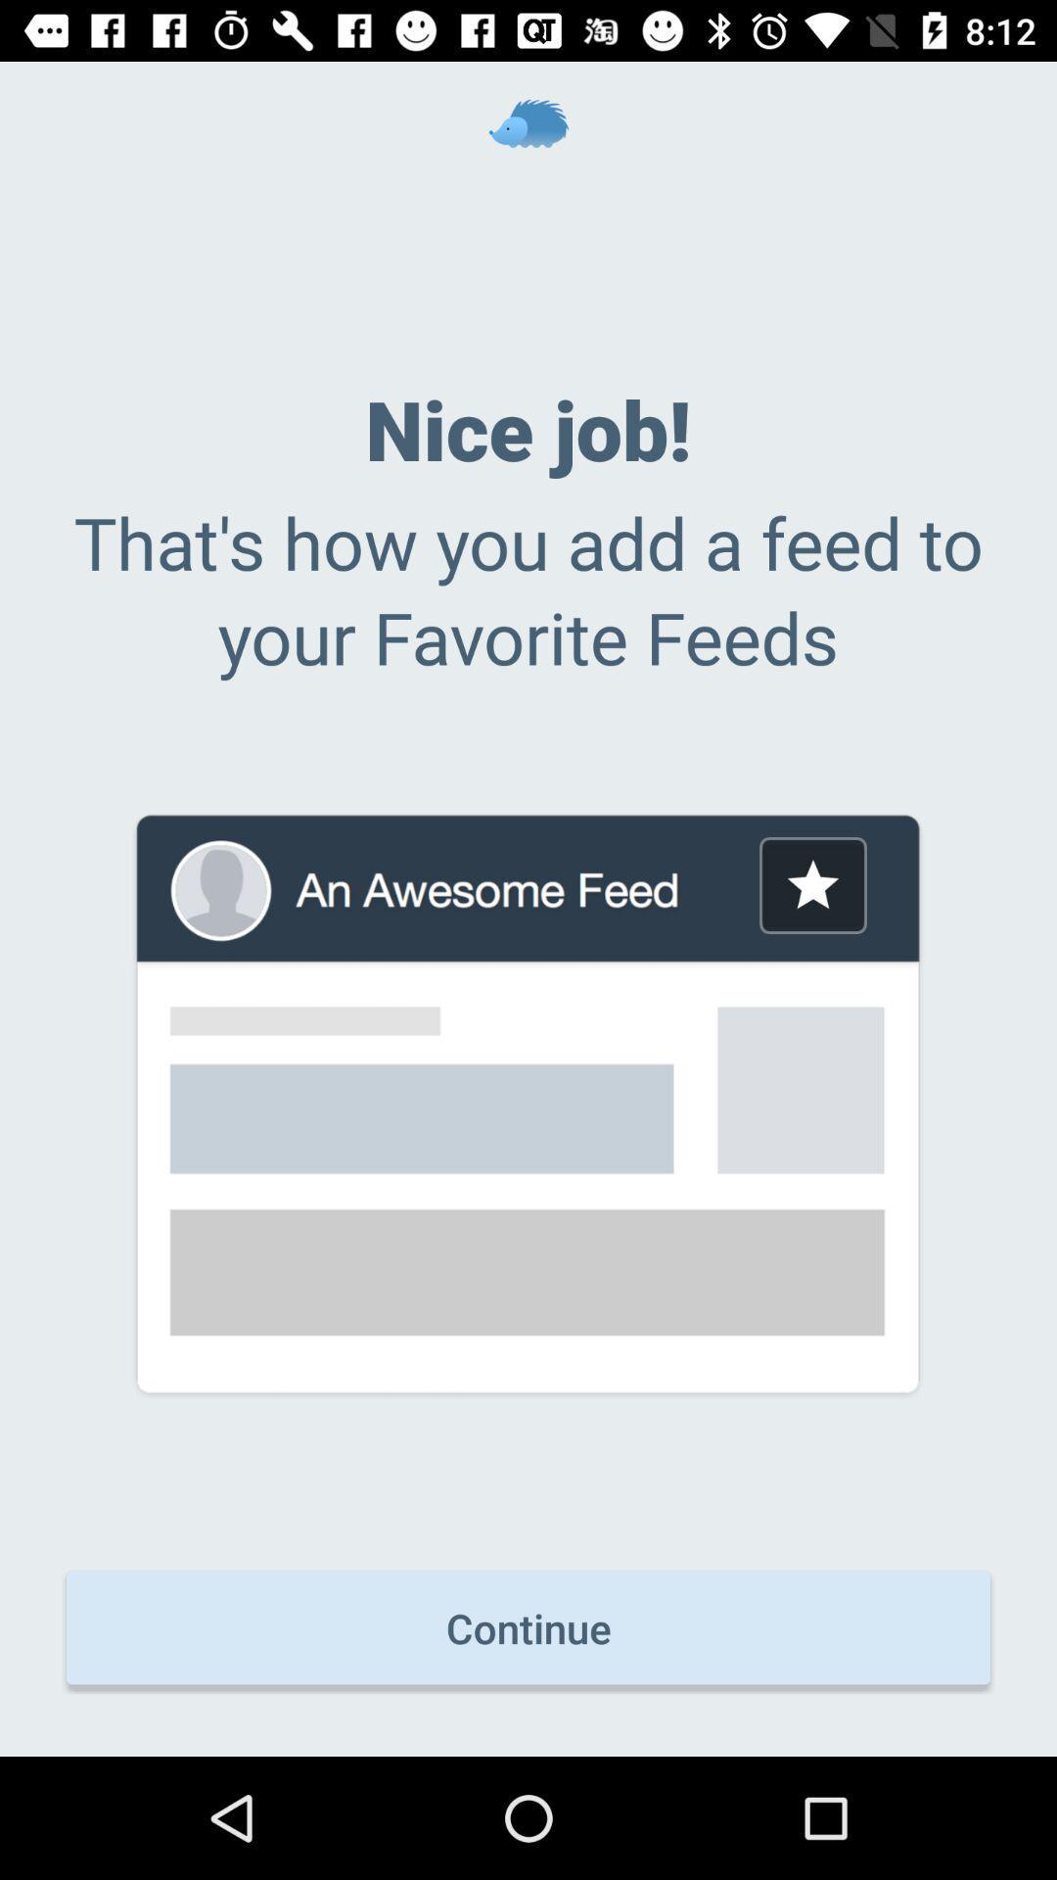 The width and height of the screenshot is (1057, 1880). Describe the element at coordinates (812, 884) in the screenshot. I see `the item above the continue item` at that location.